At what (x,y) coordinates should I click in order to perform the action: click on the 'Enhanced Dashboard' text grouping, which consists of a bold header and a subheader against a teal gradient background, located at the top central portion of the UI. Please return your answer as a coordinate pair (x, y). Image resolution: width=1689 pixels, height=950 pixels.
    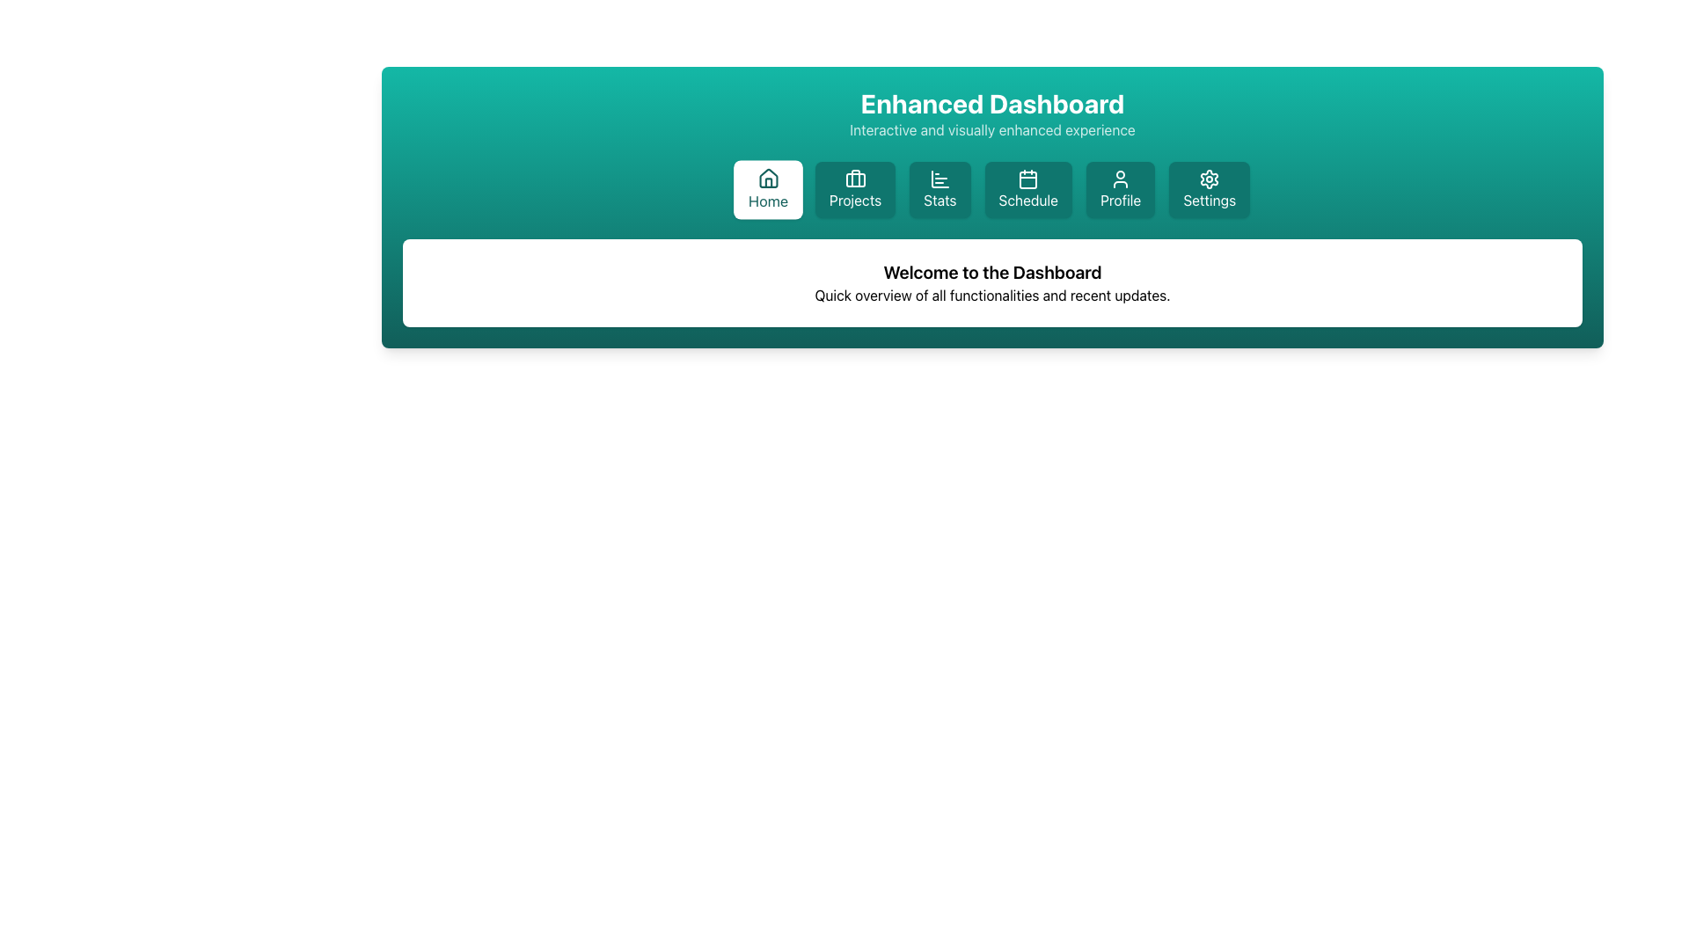
    Looking at the image, I should click on (992, 114).